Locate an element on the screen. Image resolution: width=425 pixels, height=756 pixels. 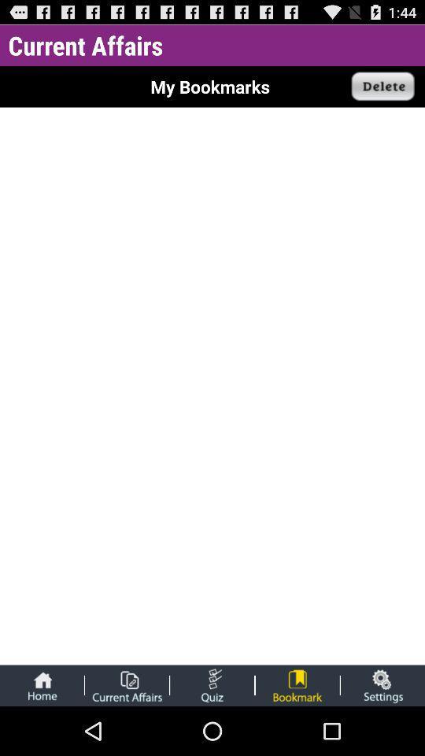
delete selection is located at coordinates (382, 87).